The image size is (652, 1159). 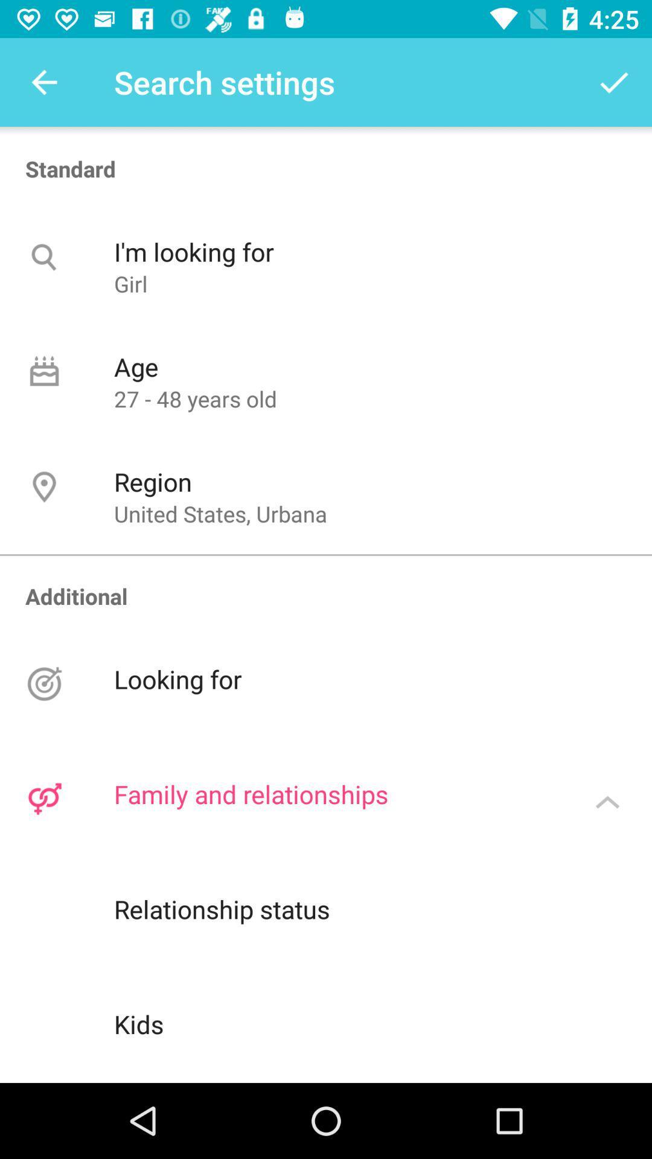 I want to click on item at the top right corner, so click(x=614, y=81).